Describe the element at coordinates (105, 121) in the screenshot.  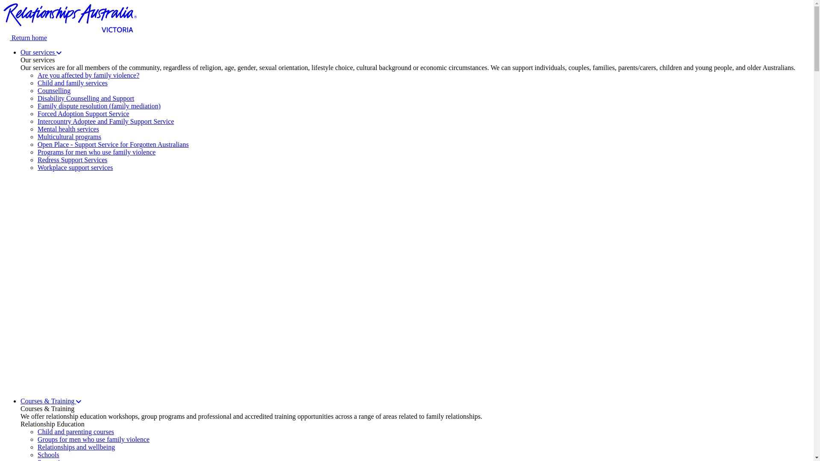
I see `'Intercountry Adoptee and Family Support Service'` at that location.